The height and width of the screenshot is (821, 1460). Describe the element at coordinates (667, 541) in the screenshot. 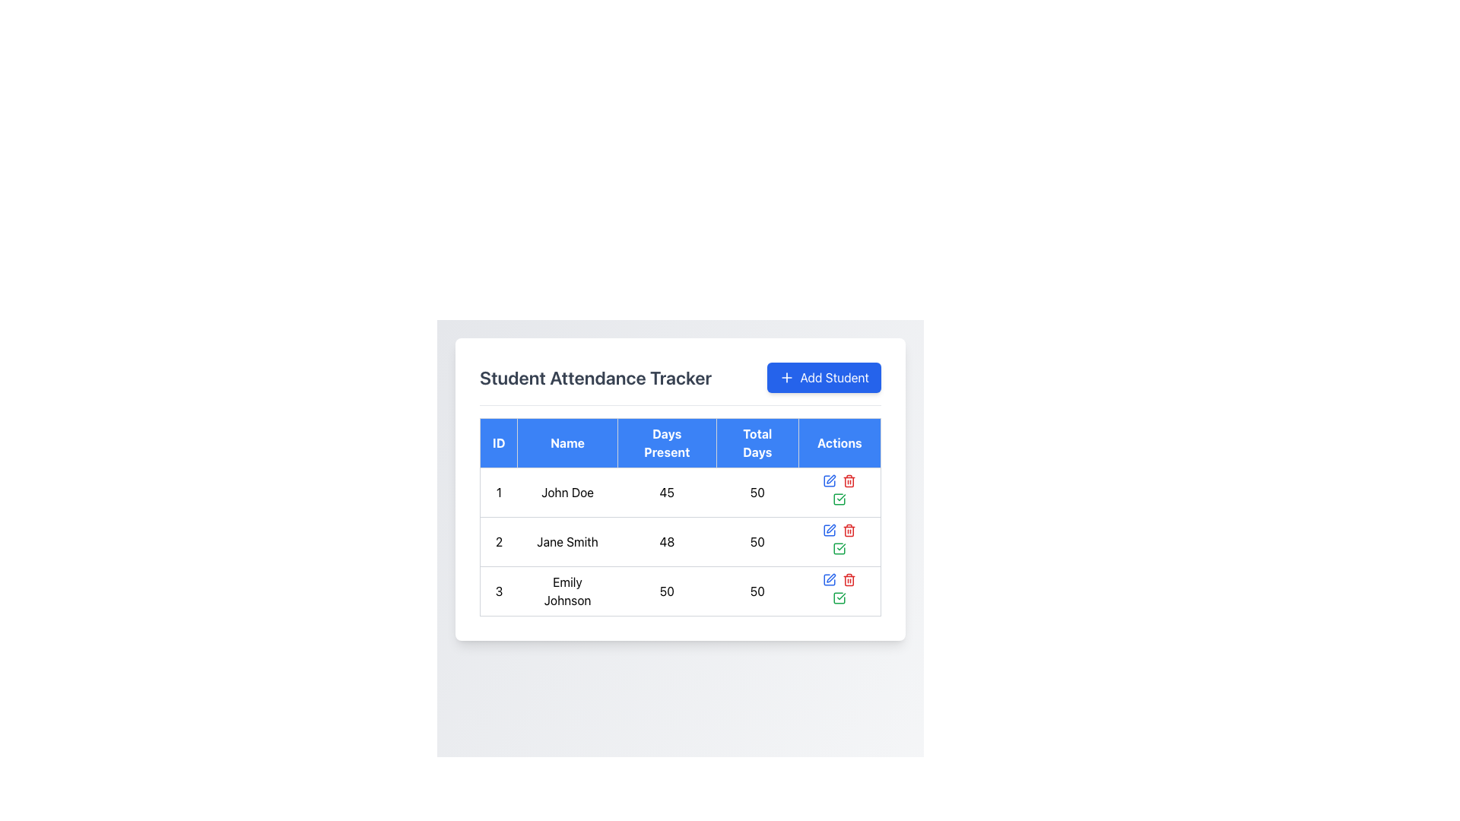

I see `the text display showing '48' in the 'Days Present' column of the second row (associated with 'Jane Smith')` at that location.